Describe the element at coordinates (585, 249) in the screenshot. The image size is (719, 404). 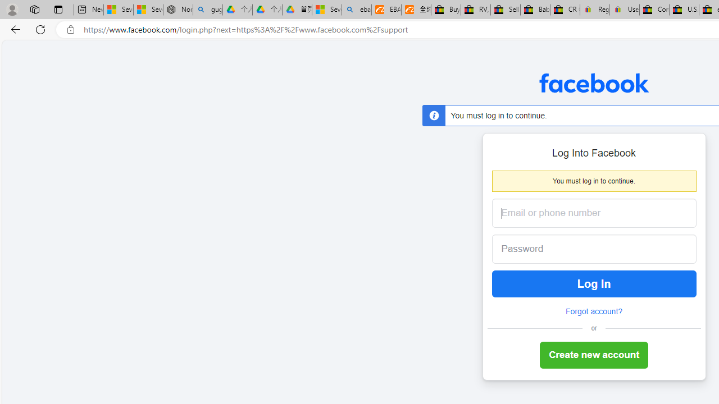
I see `'Password'` at that location.